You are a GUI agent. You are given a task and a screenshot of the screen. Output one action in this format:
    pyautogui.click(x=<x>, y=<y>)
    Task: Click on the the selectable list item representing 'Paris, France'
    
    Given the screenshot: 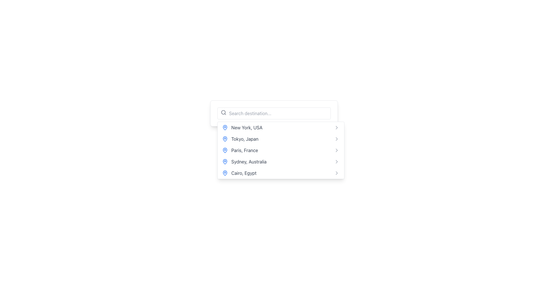 What is the action you would take?
    pyautogui.click(x=281, y=150)
    